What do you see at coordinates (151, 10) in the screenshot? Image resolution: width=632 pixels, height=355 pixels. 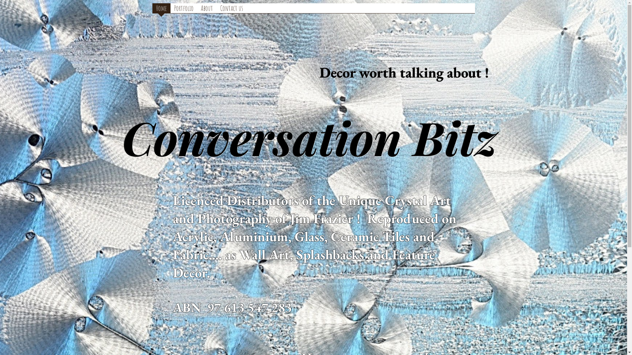 I see `'Home'` at bounding box center [151, 10].